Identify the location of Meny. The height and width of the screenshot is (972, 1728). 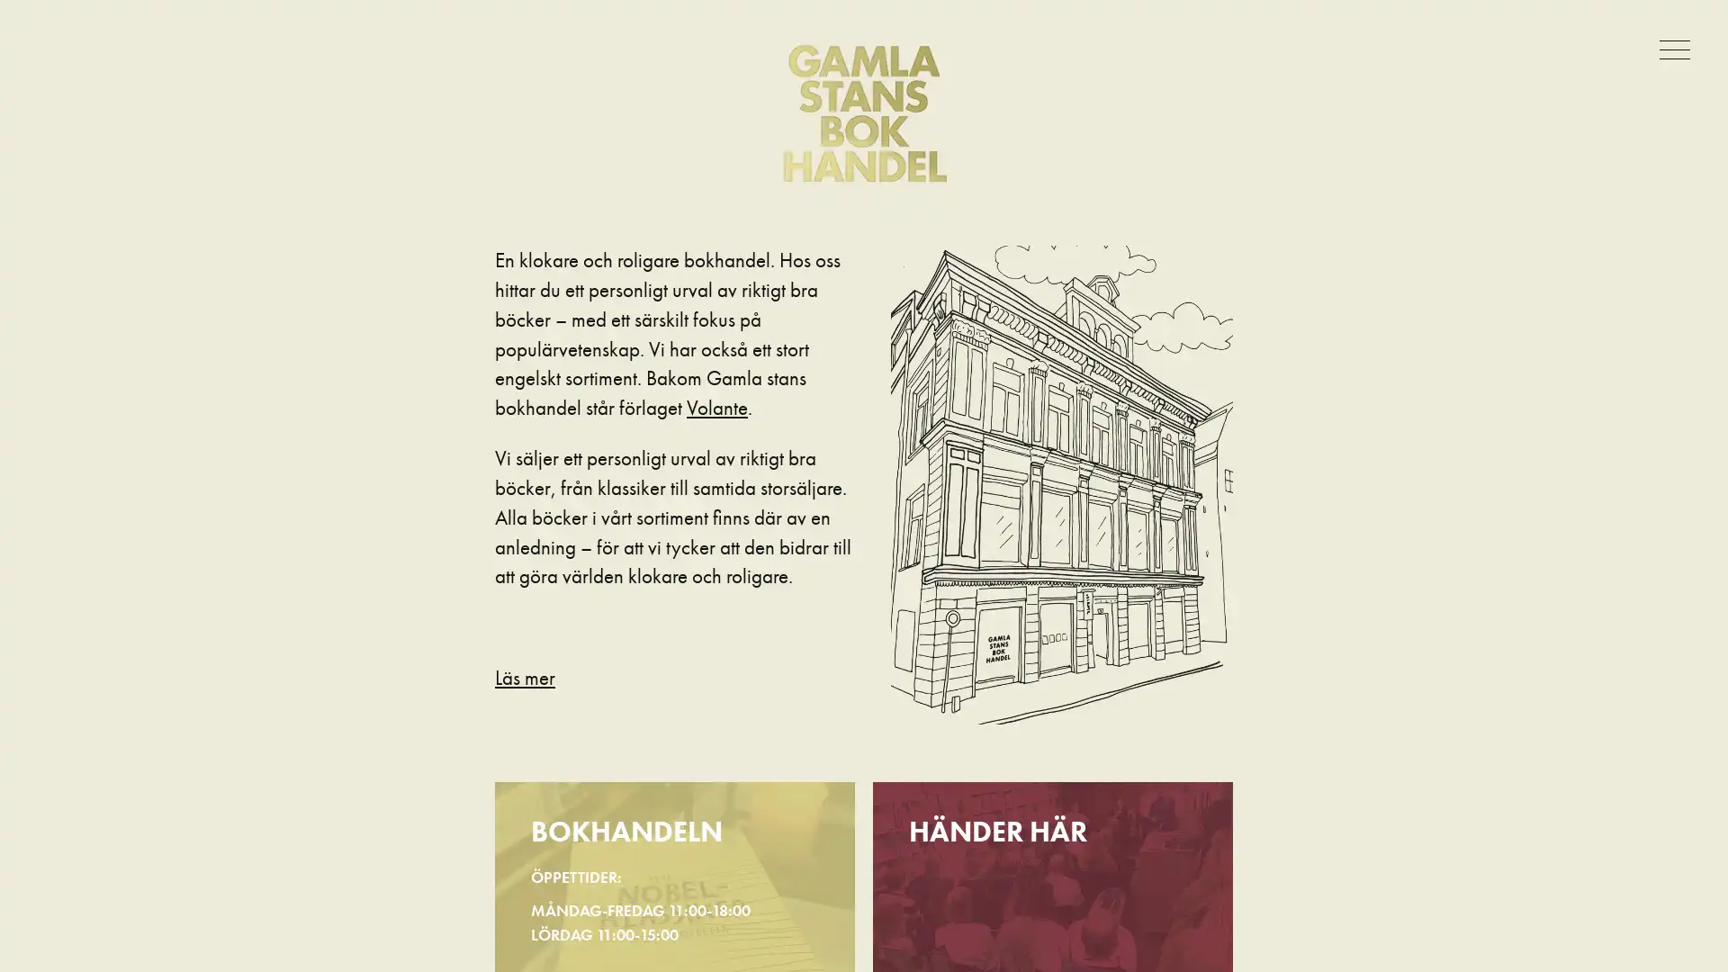
(1678, 48).